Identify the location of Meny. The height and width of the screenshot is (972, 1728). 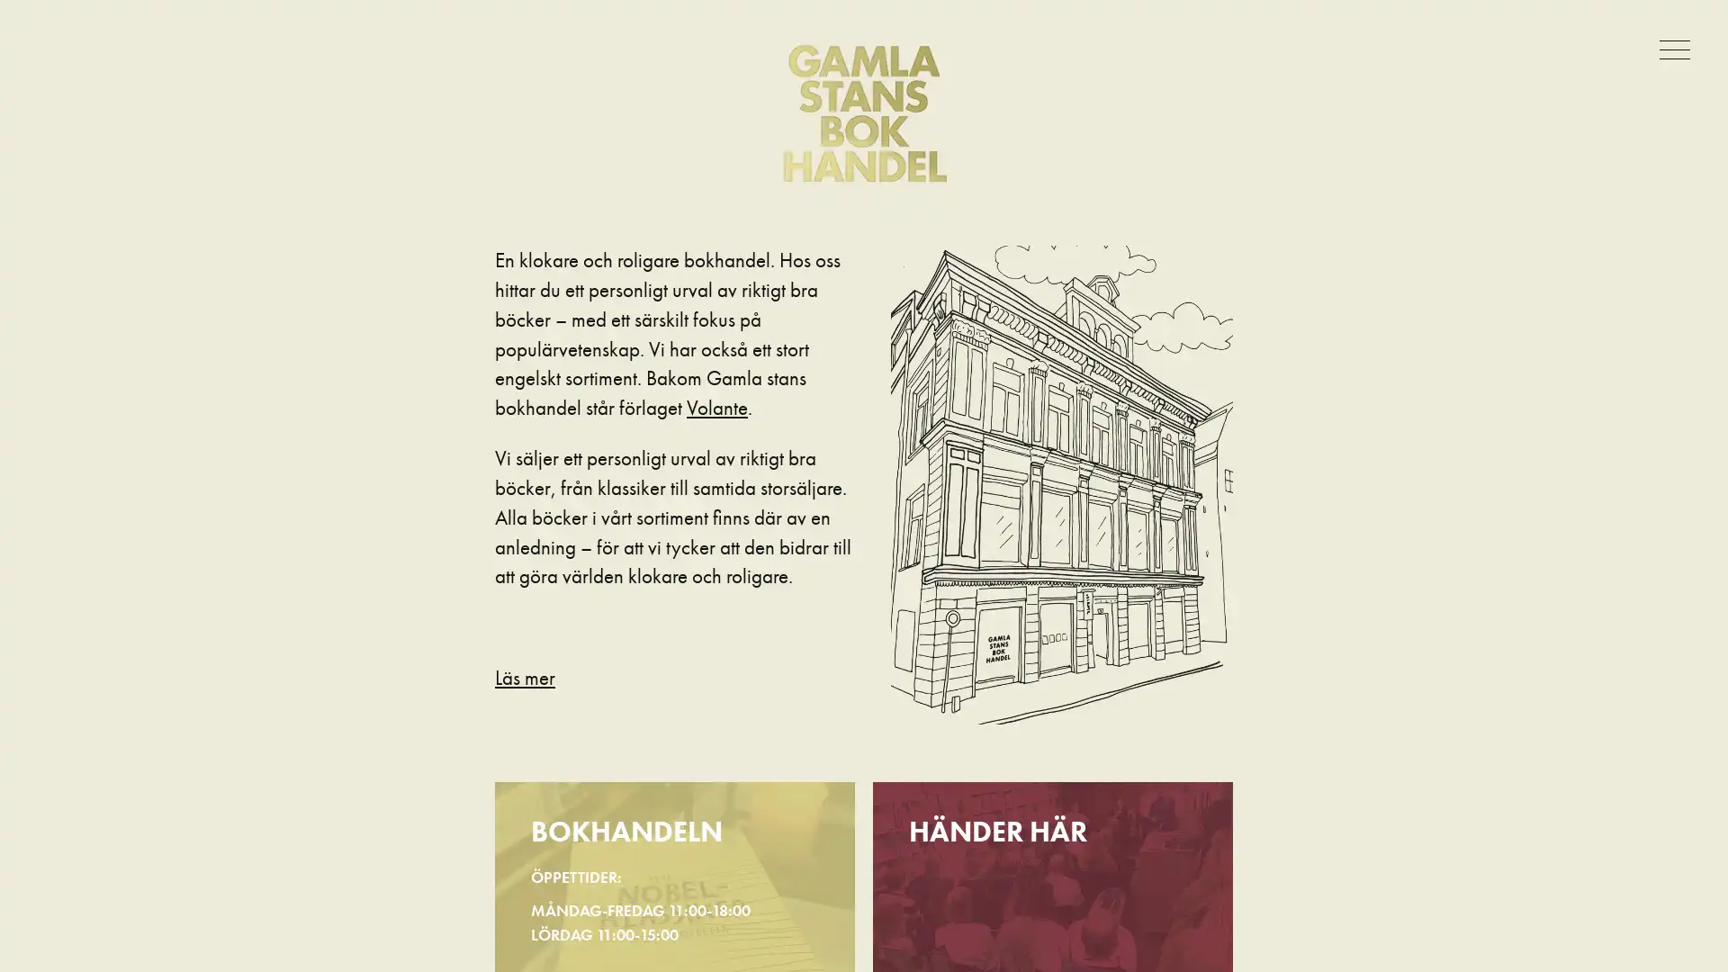
(1678, 48).